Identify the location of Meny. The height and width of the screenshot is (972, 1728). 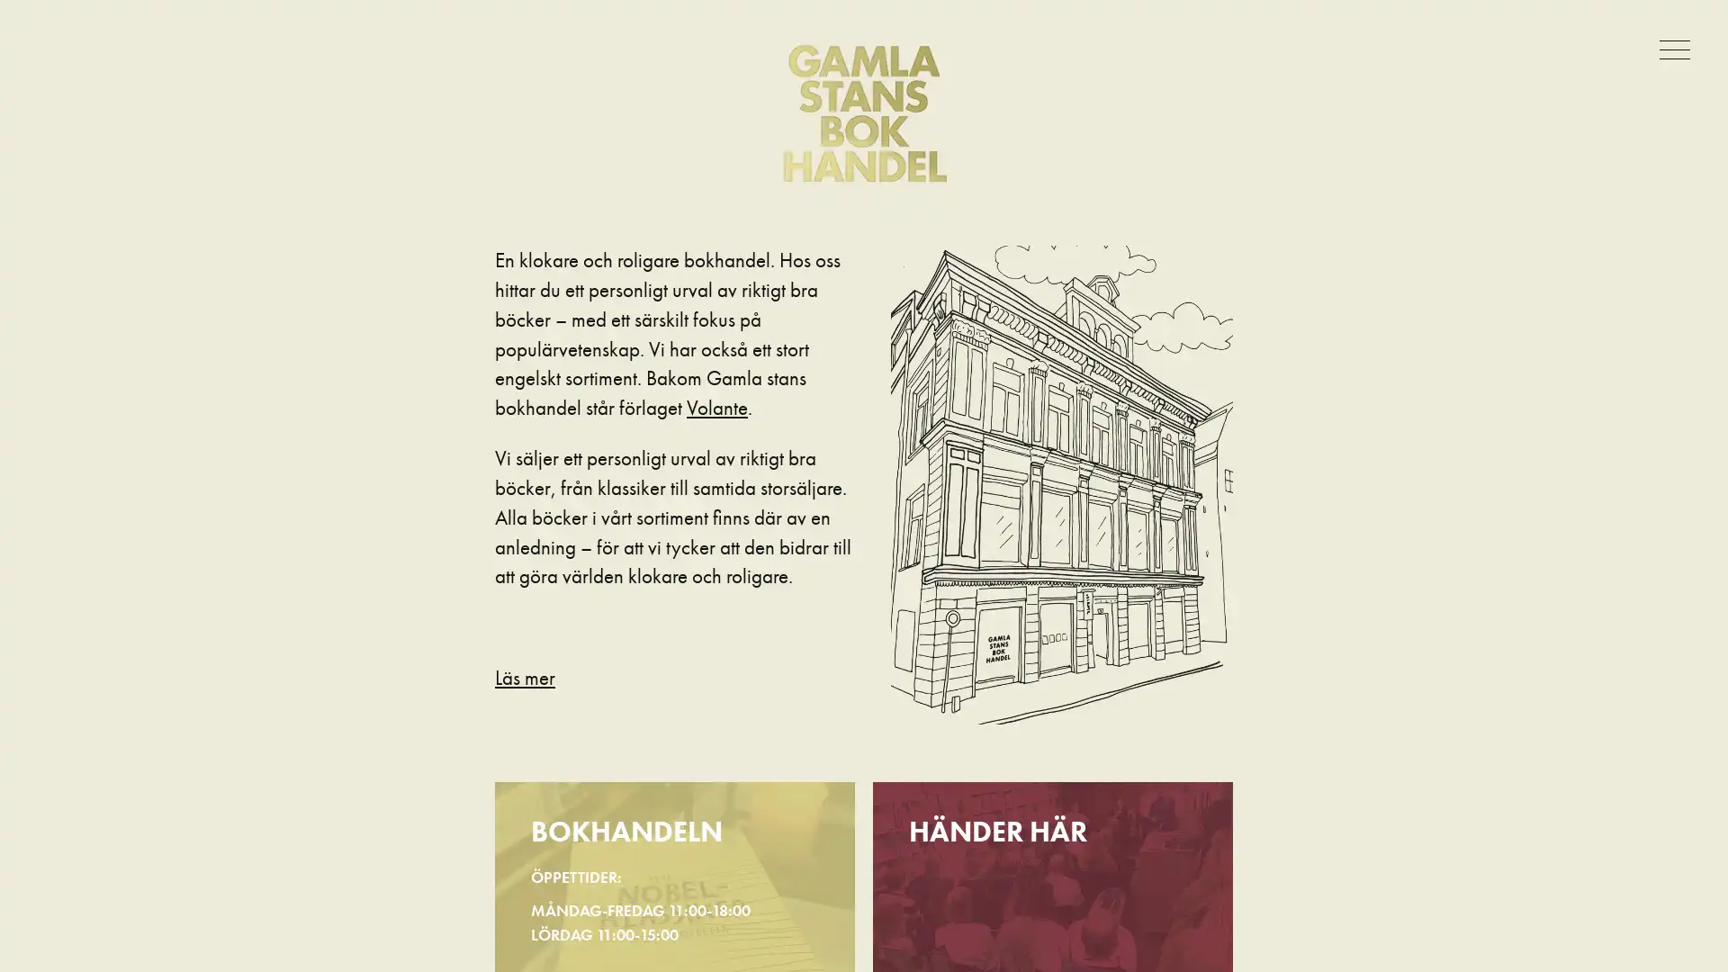
(1678, 48).